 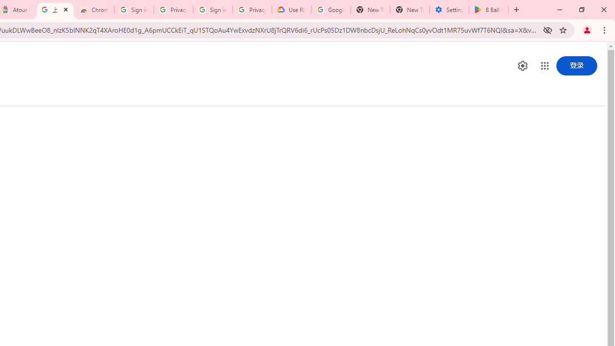 I want to click on 'Sign in - Google Accounts', so click(x=134, y=10).